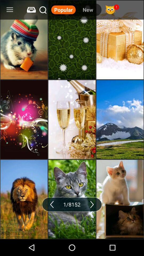 This screenshot has height=256, width=144. Describe the element at coordinates (63, 9) in the screenshot. I see `item next to new` at that location.